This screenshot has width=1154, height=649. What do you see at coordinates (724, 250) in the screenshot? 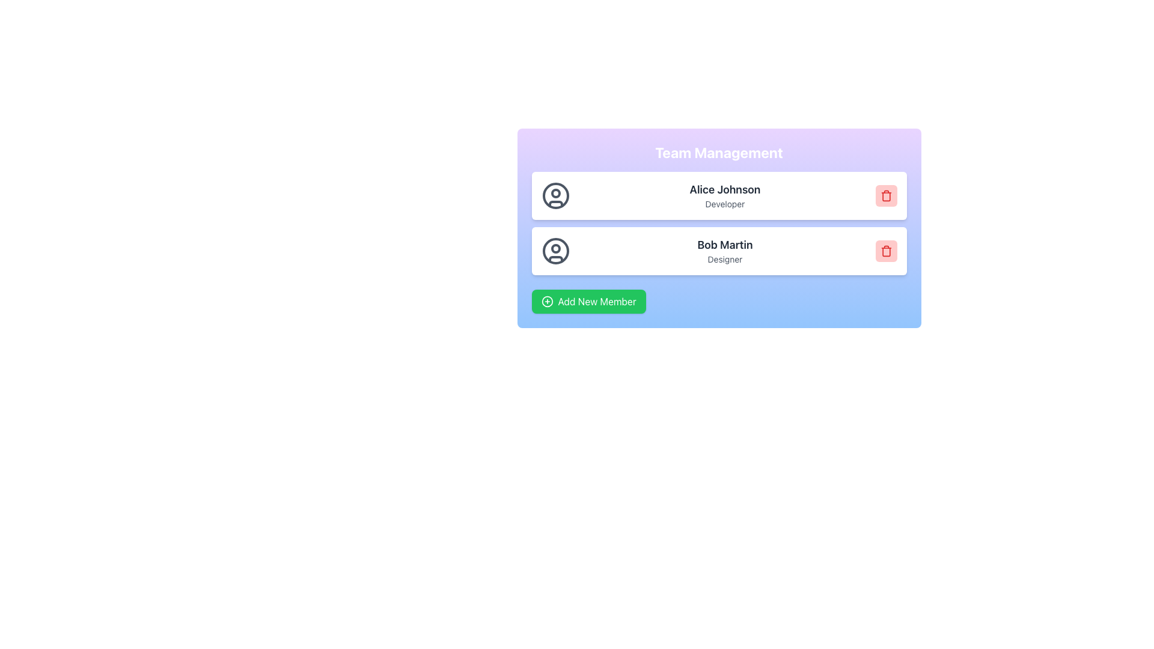
I see `the informational display for team member 'Bob Martin', who is a 'Designer', located in the second card of the Team Management interface` at bounding box center [724, 250].